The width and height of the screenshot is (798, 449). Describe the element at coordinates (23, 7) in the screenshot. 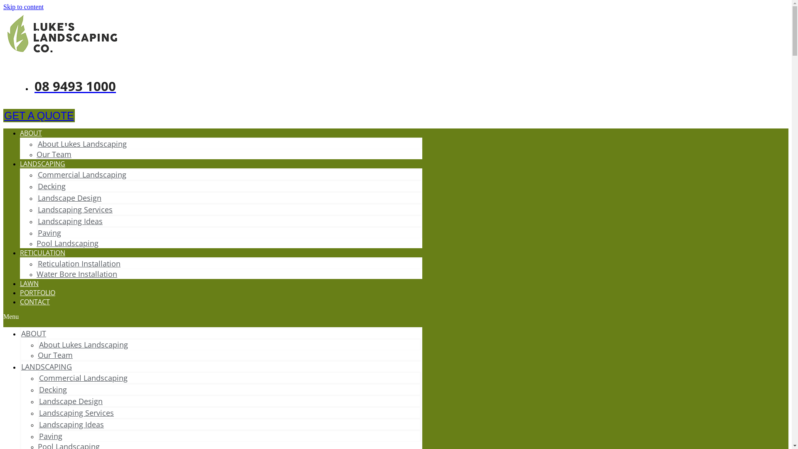

I see `'Skip to content'` at that location.